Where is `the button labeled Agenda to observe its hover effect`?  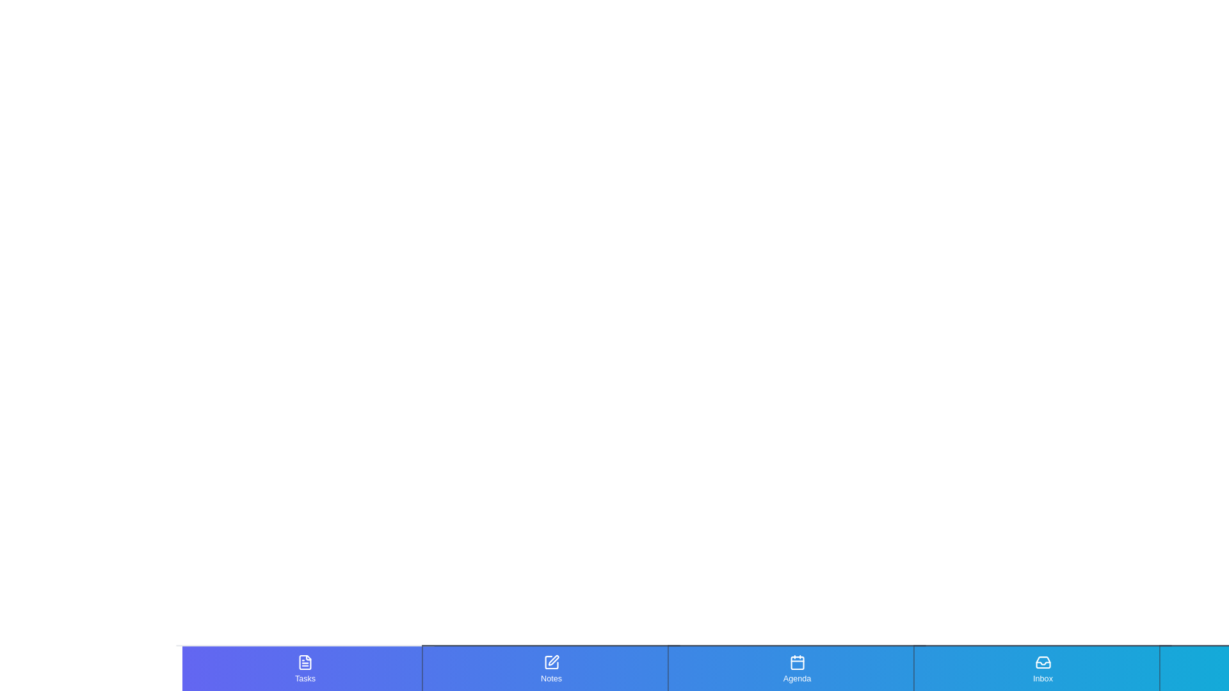
the button labeled Agenda to observe its hover effect is located at coordinates (796, 668).